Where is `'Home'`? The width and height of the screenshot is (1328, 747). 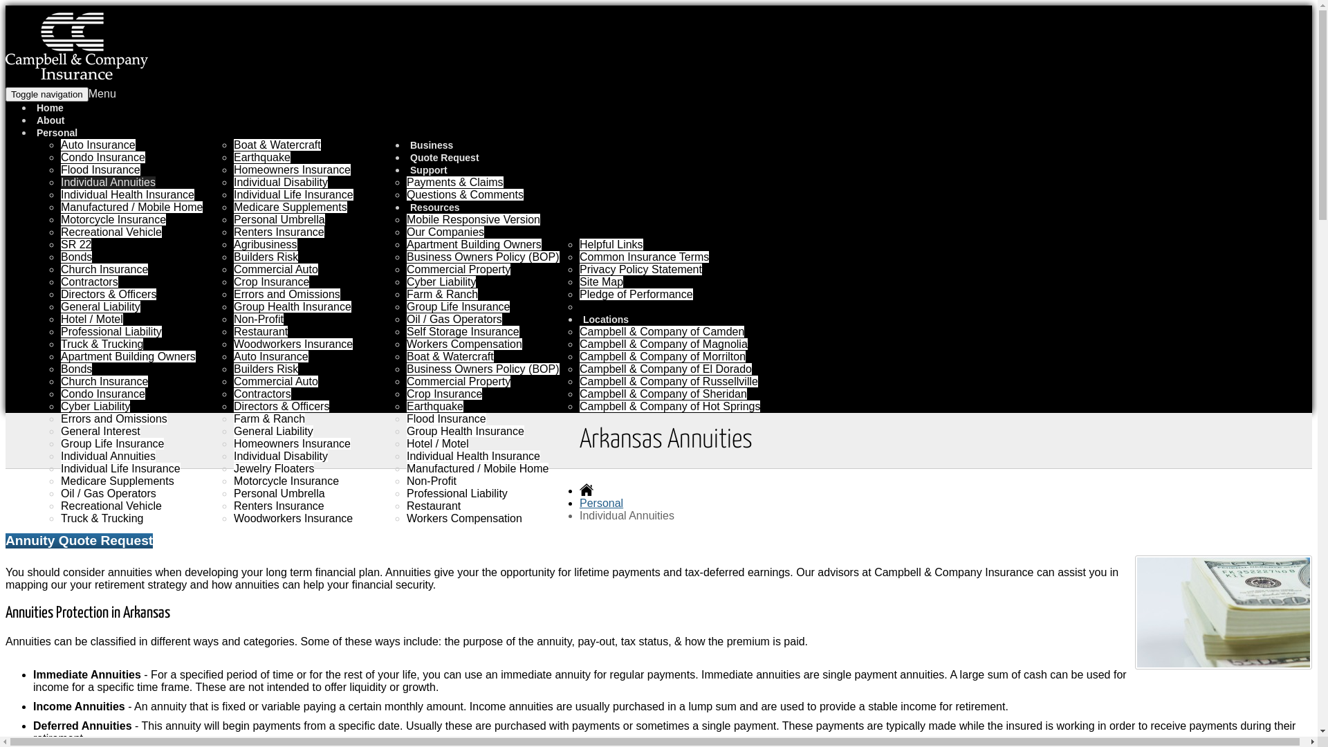
'Home' is located at coordinates (50, 107).